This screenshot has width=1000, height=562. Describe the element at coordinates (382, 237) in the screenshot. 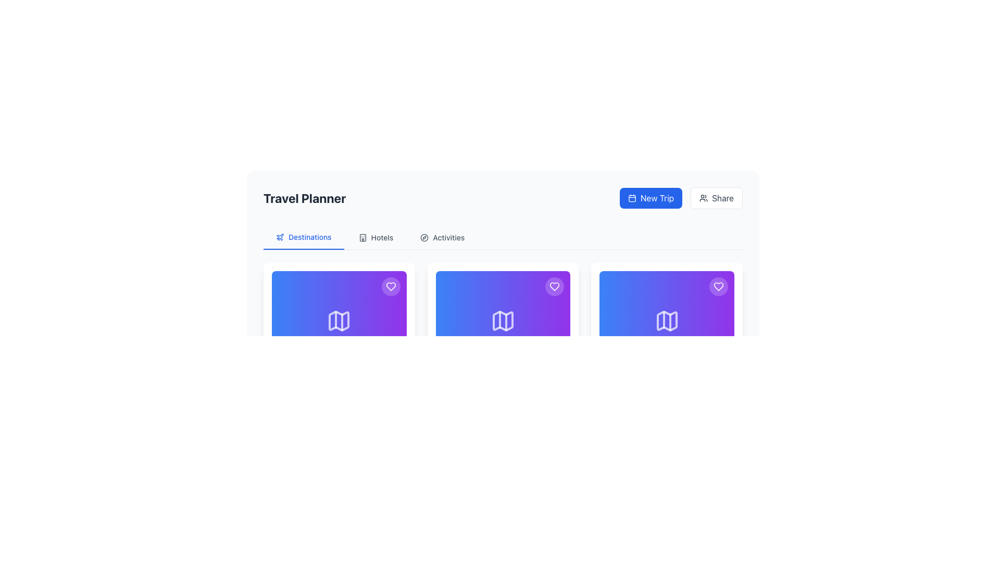

I see `the second item in the horizontal navigation menu bar, which serves as a navigation option to hotel information or bookings` at that location.